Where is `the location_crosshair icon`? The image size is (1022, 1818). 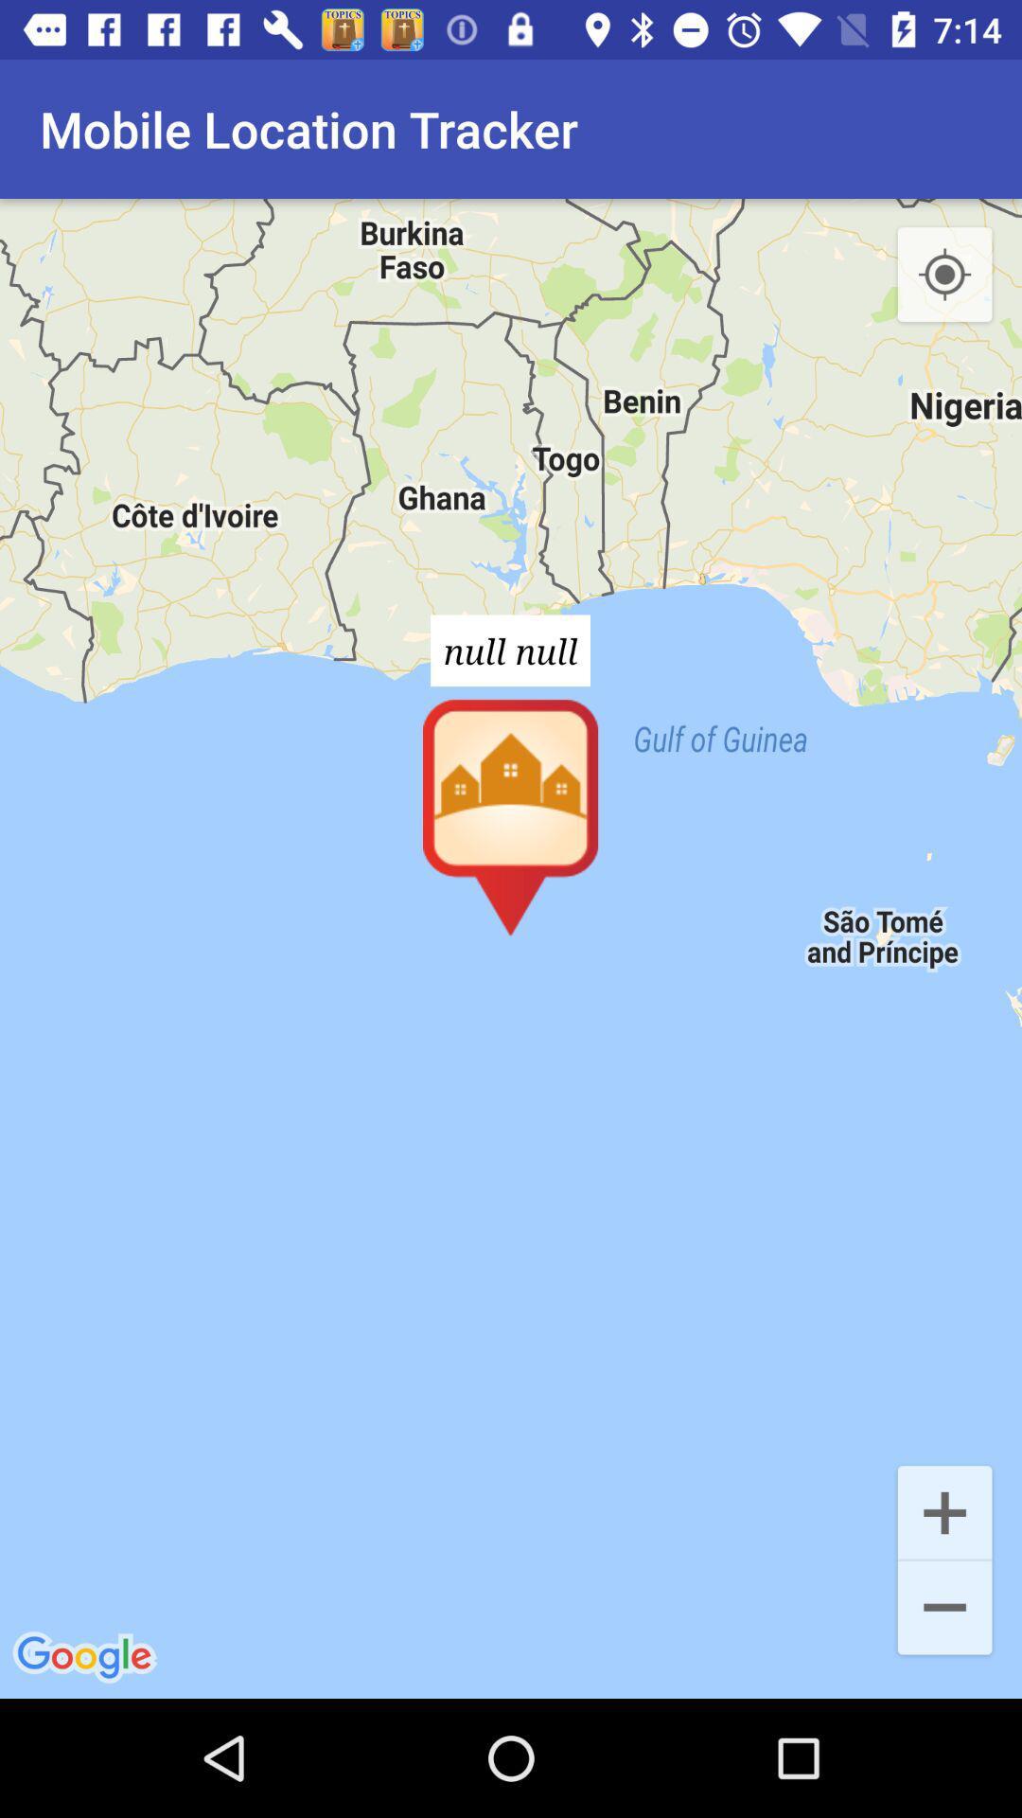
the location_crosshair icon is located at coordinates (944, 275).